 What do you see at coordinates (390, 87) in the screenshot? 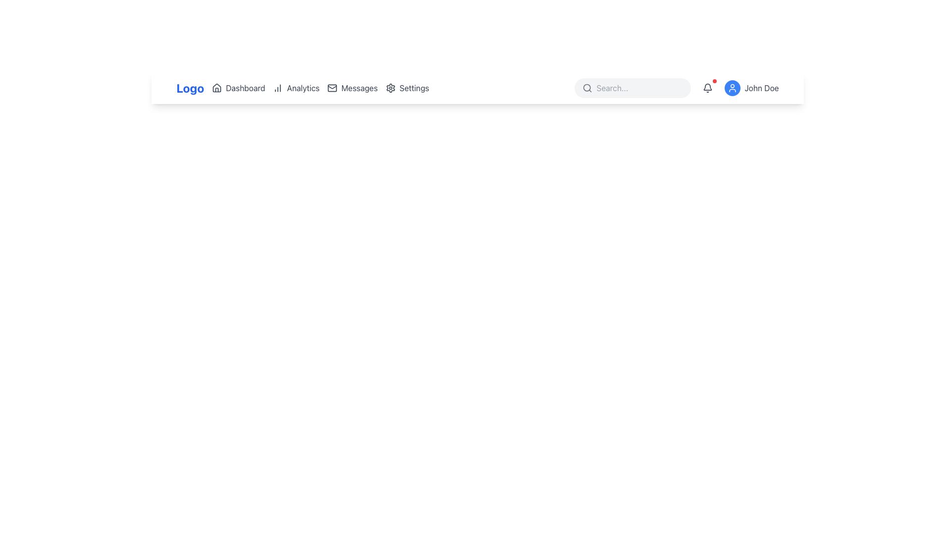
I see `the gear icon in the top navigation bar` at bounding box center [390, 87].